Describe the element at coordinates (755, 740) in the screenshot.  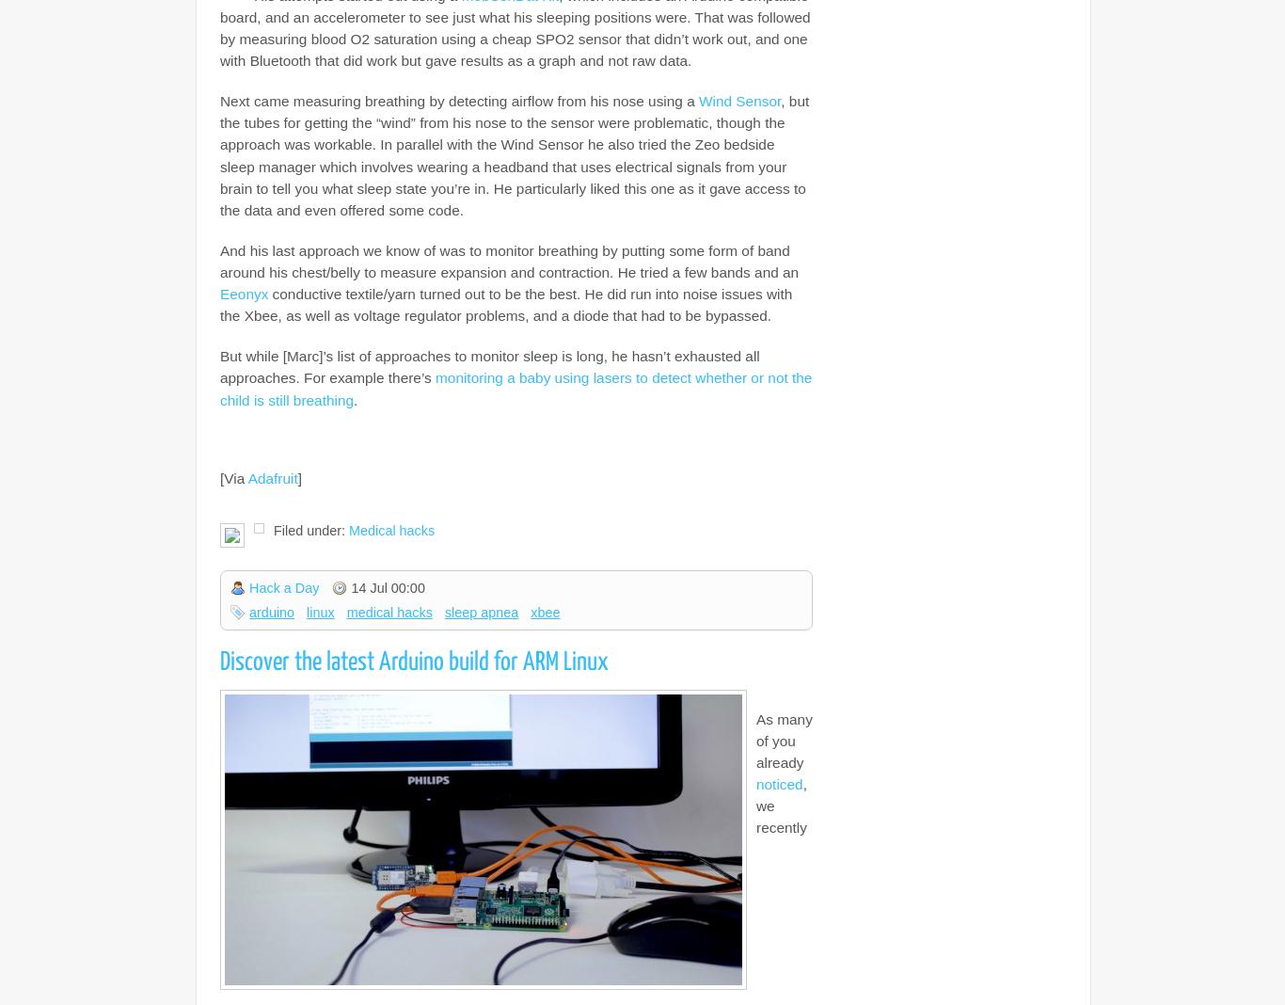
I see `'As many of you already'` at that location.